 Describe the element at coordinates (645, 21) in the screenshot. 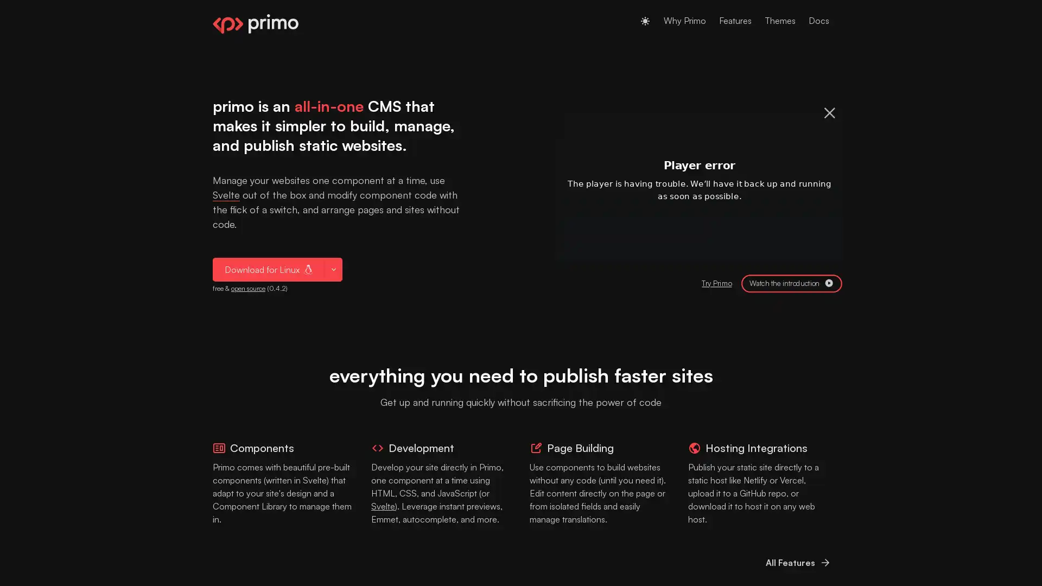

I see `Toggle dark mode` at that location.